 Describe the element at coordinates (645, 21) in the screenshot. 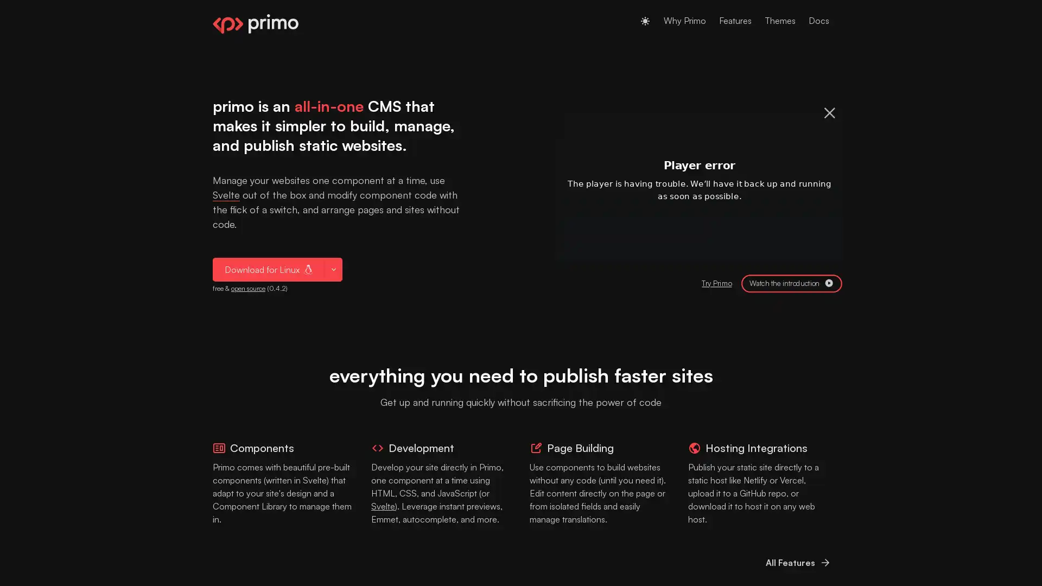

I see `Toggle dark mode` at that location.